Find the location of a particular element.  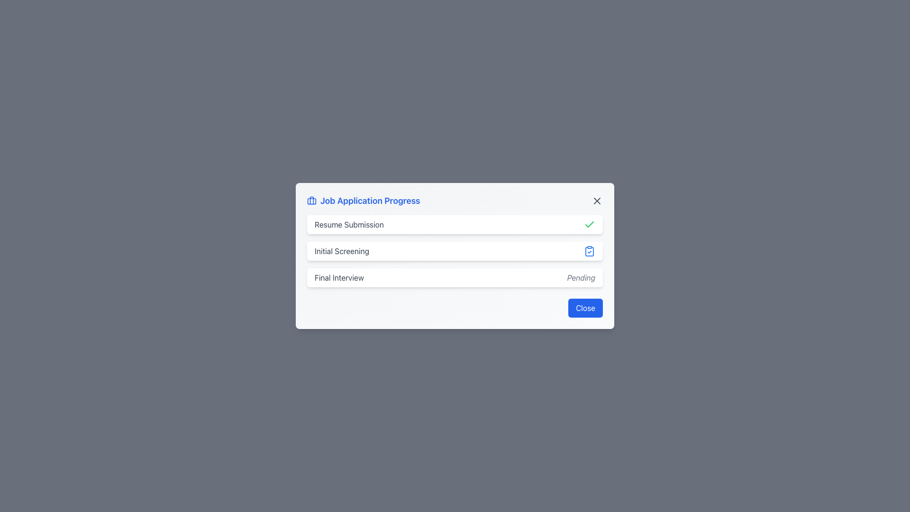

the vertical list with status indicators in the 'Job Application Progress' card is located at coordinates (455, 250).